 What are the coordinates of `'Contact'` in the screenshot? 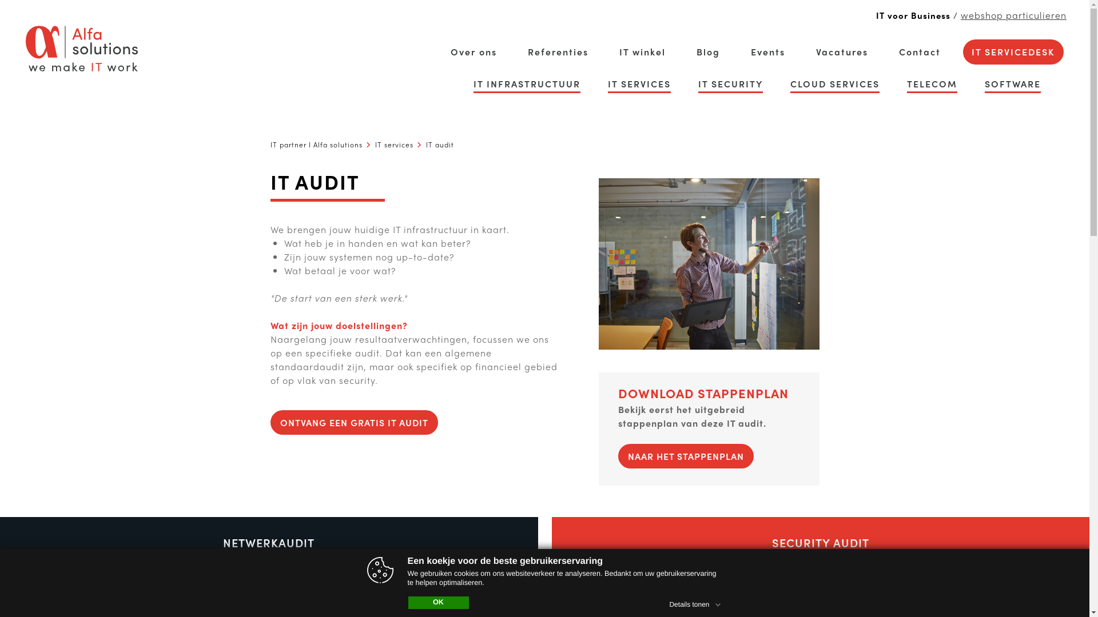 It's located at (920, 52).